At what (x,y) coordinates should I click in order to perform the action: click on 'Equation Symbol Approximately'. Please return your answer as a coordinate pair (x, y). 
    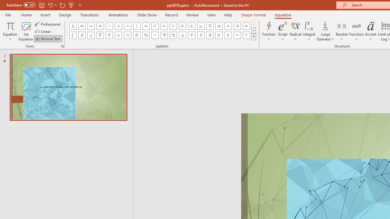
    Looking at the image, I should click on (109, 26).